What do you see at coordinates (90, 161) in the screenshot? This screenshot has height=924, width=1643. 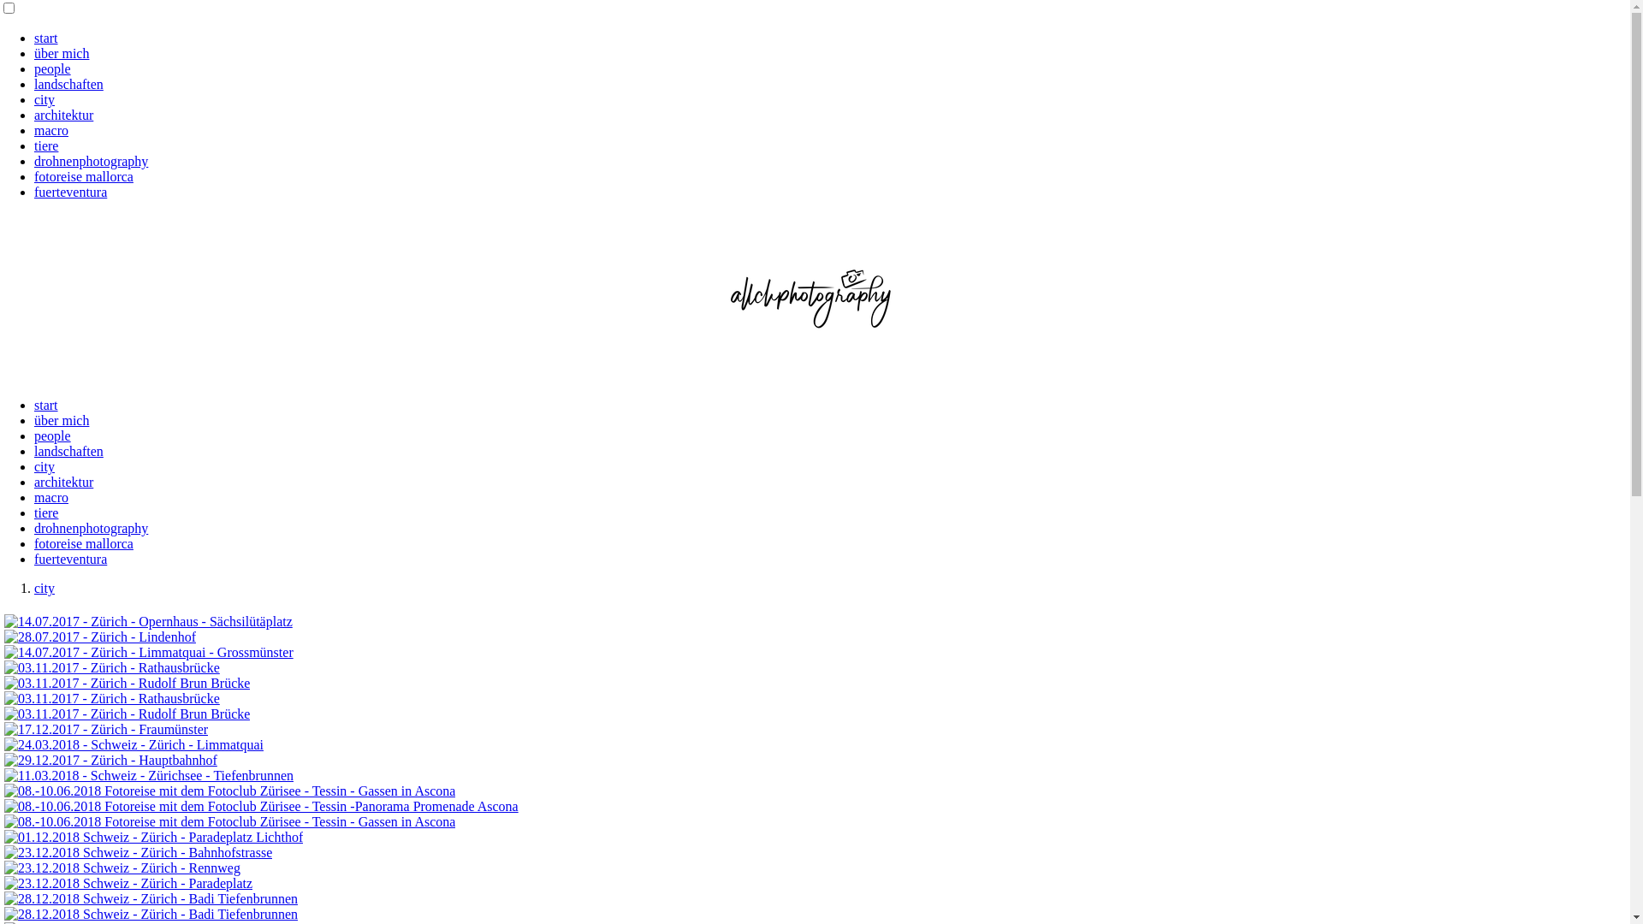 I see `'drohnenphotography'` at bounding box center [90, 161].